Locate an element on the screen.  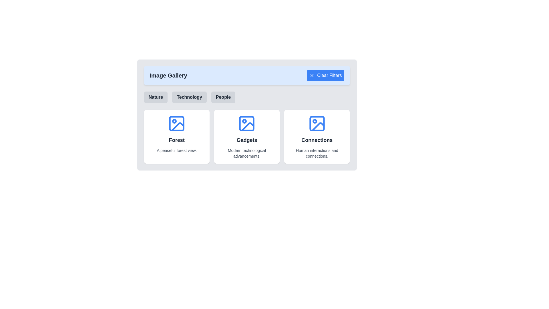
the 'X' icon within the 'Clear Filters' button located at the top-right of the interface header is located at coordinates (312, 75).